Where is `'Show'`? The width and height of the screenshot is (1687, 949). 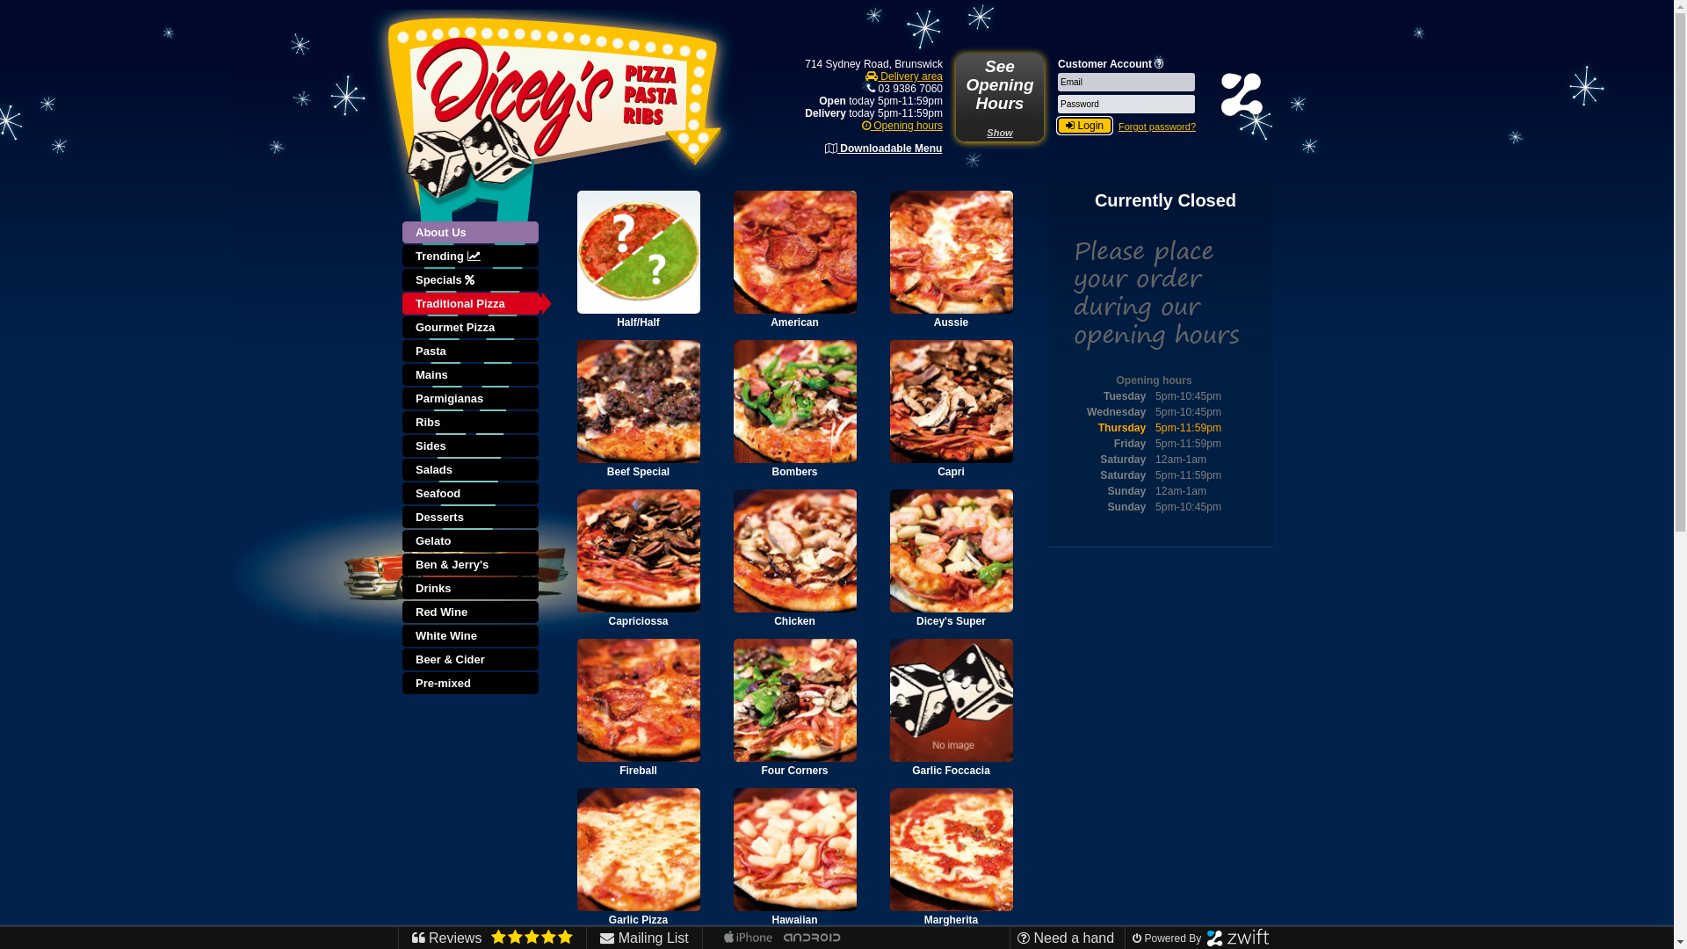
'Show' is located at coordinates (999, 131).